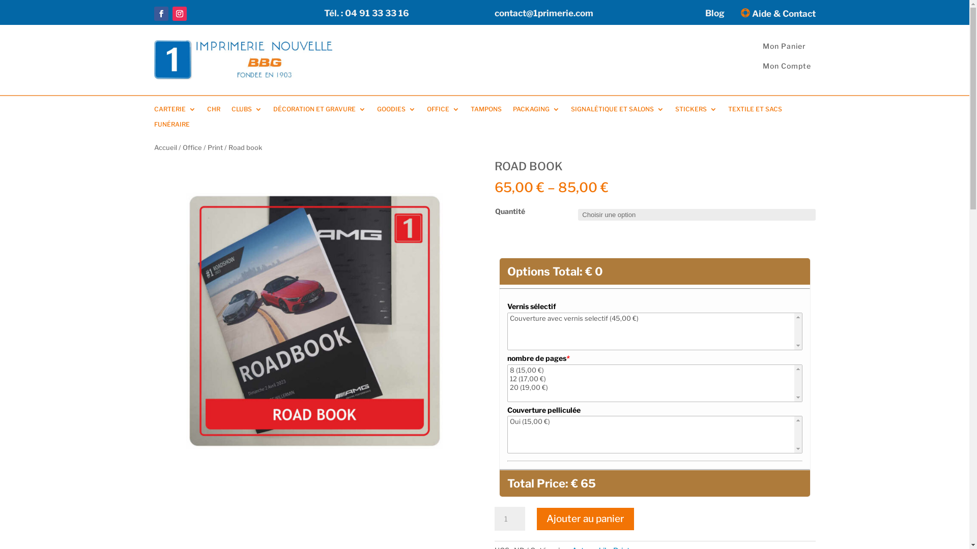 The height and width of the screenshot is (549, 977). I want to click on 'Blog', so click(714, 15).